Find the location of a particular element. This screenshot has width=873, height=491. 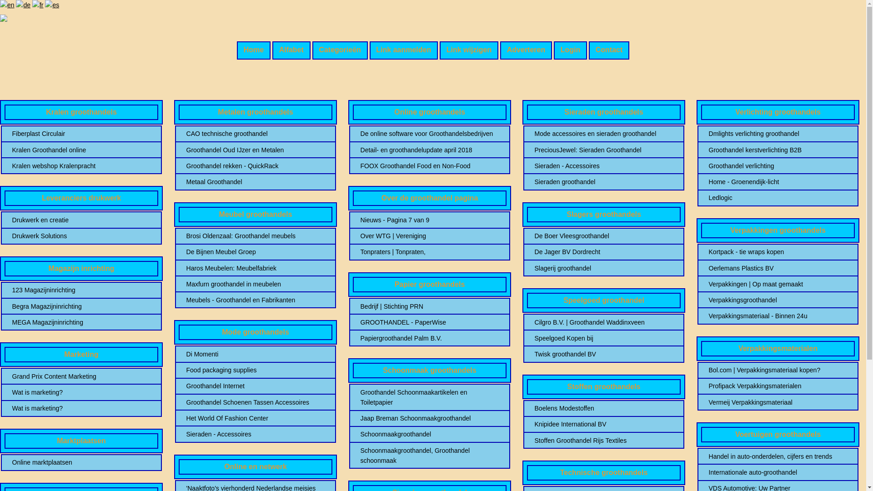

'Fiberplast Circulair' is located at coordinates (81, 133).